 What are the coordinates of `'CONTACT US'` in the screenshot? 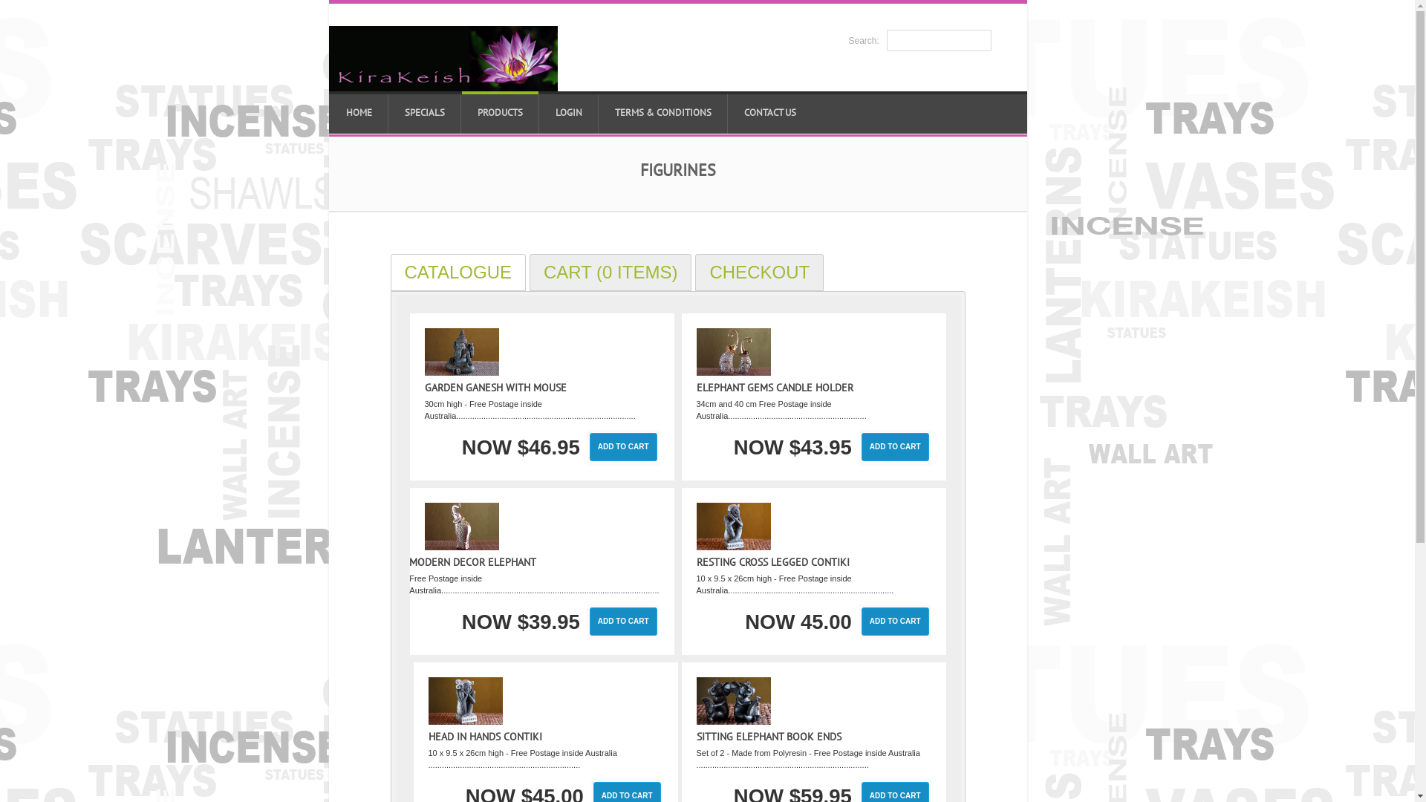 It's located at (727, 111).